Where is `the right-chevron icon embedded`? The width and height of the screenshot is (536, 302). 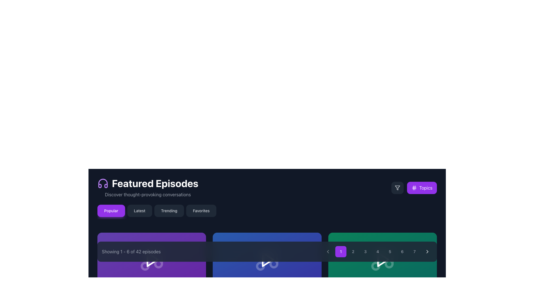
the right-chevron icon embedded is located at coordinates (427, 251).